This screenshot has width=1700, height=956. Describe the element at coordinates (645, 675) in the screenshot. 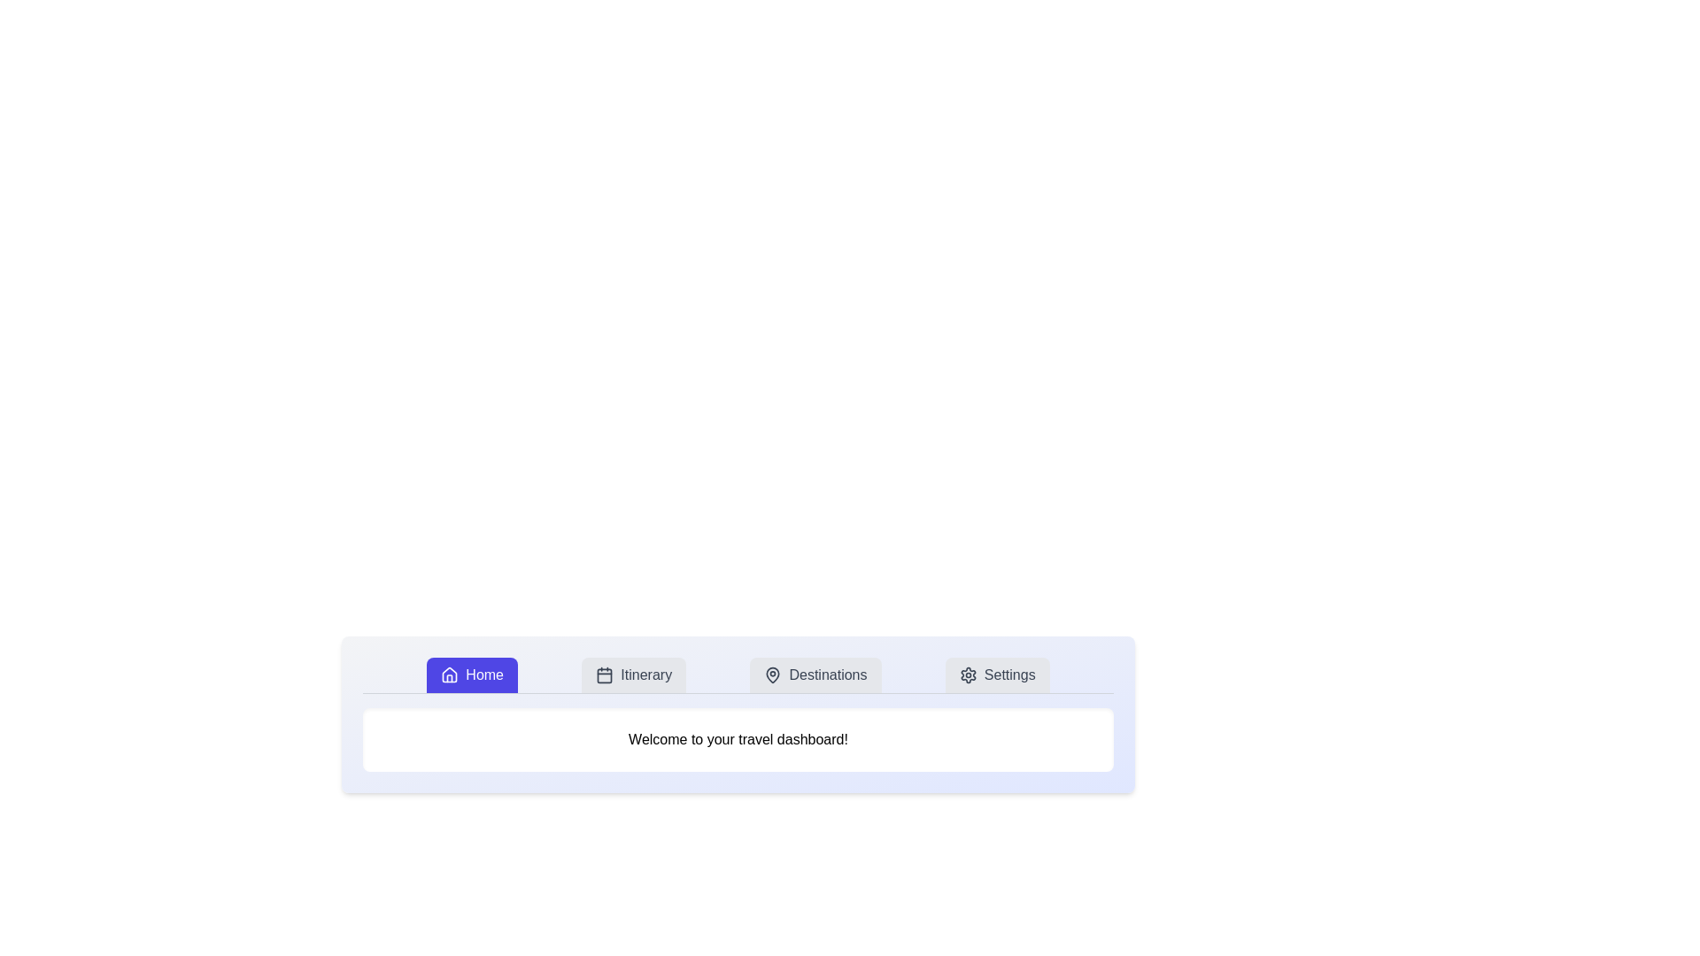

I see `the 'Itinerary' text label in the navigation bar` at that location.